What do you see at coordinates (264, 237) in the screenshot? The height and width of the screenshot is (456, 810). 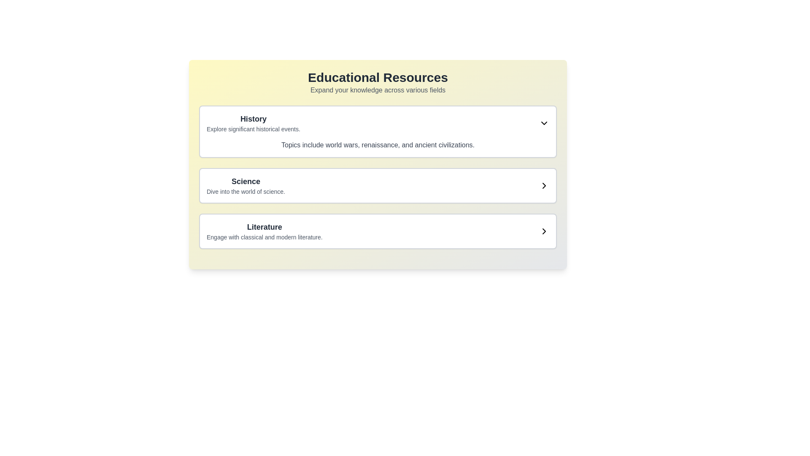 I see `the text label that reads 'Engage with classical and modern literature.', styled with a small, gray font, positioned below the title 'Literature'` at bounding box center [264, 237].